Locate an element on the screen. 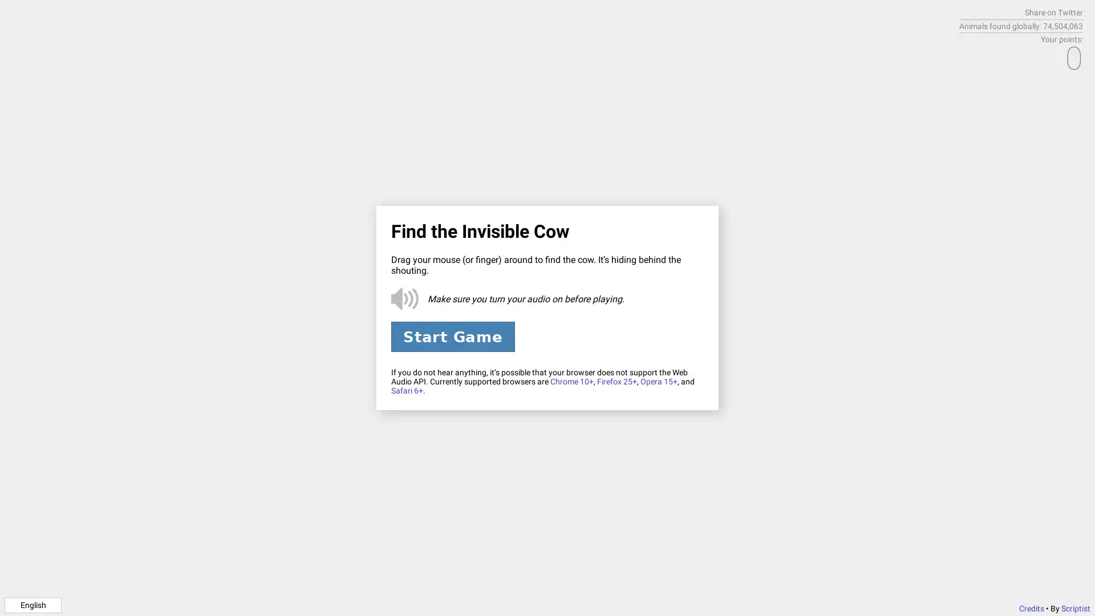 This screenshot has width=1095, height=616. Share on Twitter is located at coordinates (1053, 13).